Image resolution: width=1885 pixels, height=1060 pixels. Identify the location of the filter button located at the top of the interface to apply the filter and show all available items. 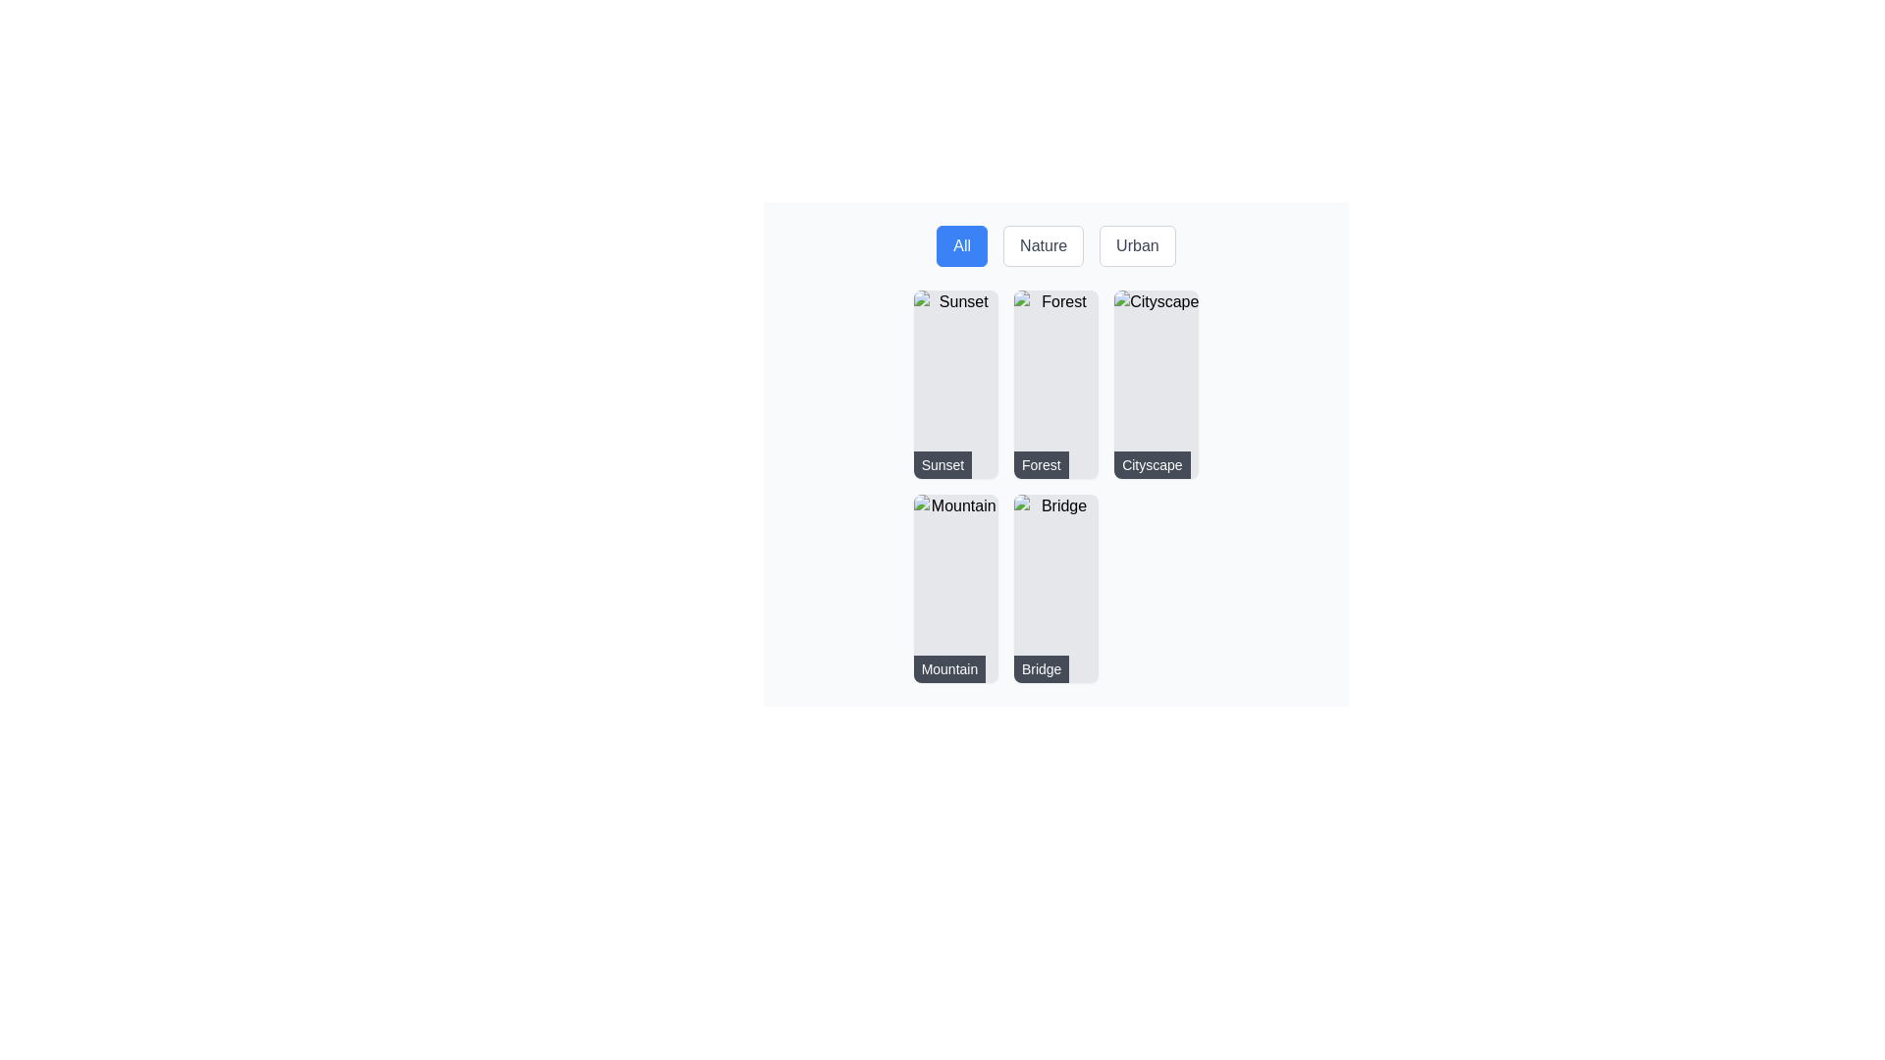
(962, 244).